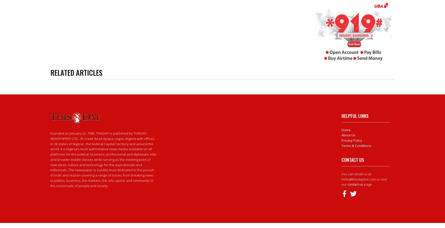 The image size is (445, 228). Describe the element at coordinates (355, 184) in the screenshot. I see `'contact us'` at that location.